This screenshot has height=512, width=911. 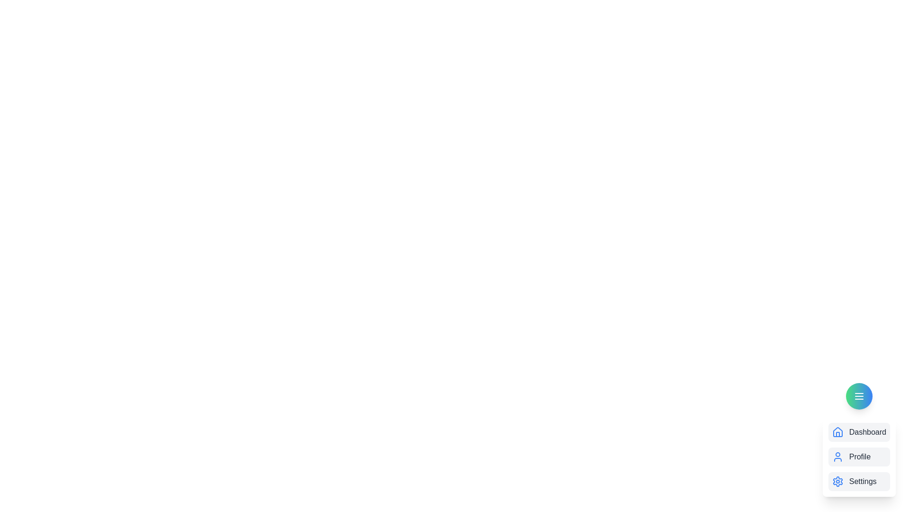 I want to click on the profile_item to observe the hover effect, so click(x=859, y=457).